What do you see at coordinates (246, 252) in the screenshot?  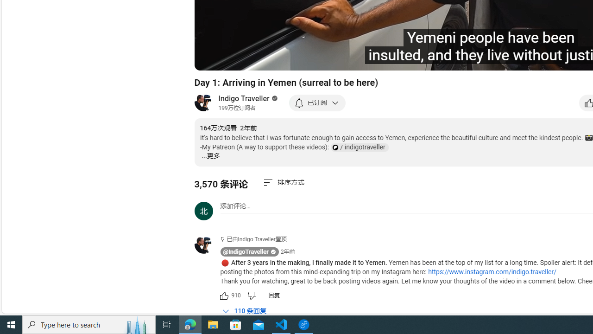 I see `'@IndigoTraveller'` at bounding box center [246, 252].